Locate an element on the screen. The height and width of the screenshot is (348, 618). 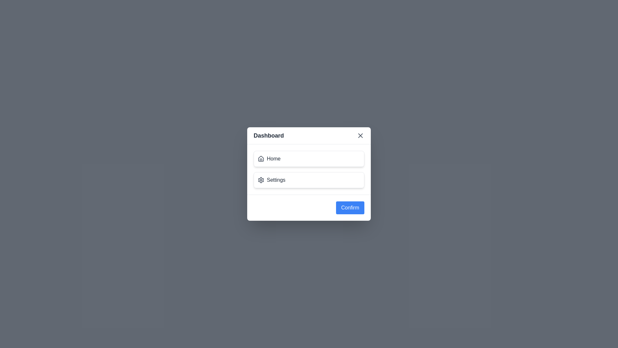
the menu item labeled Settings in the DashboardDialog is located at coordinates (309, 180).